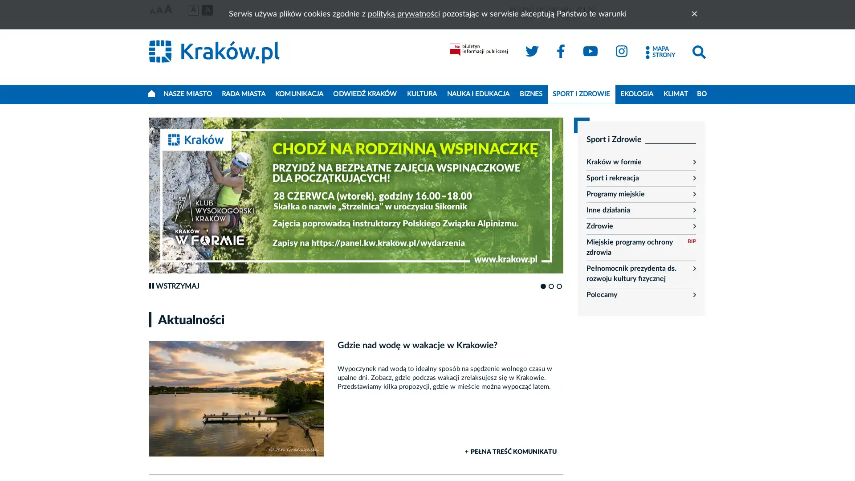 Image resolution: width=855 pixels, height=481 pixels. What do you see at coordinates (159, 11) in the screenshot?
I see `Srednia czcionka` at bounding box center [159, 11].